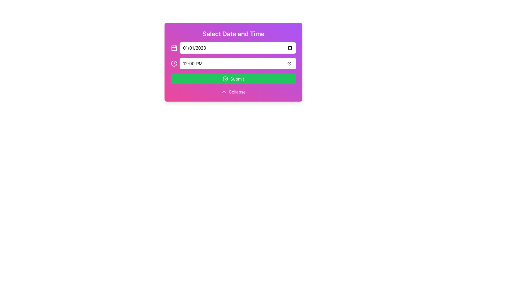 This screenshot has width=517, height=291. What do you see at coordinates (233, 79) in the screenshot?
I see `the green 'Submit' button with a check mark icon` at bounding box center [233, 79].